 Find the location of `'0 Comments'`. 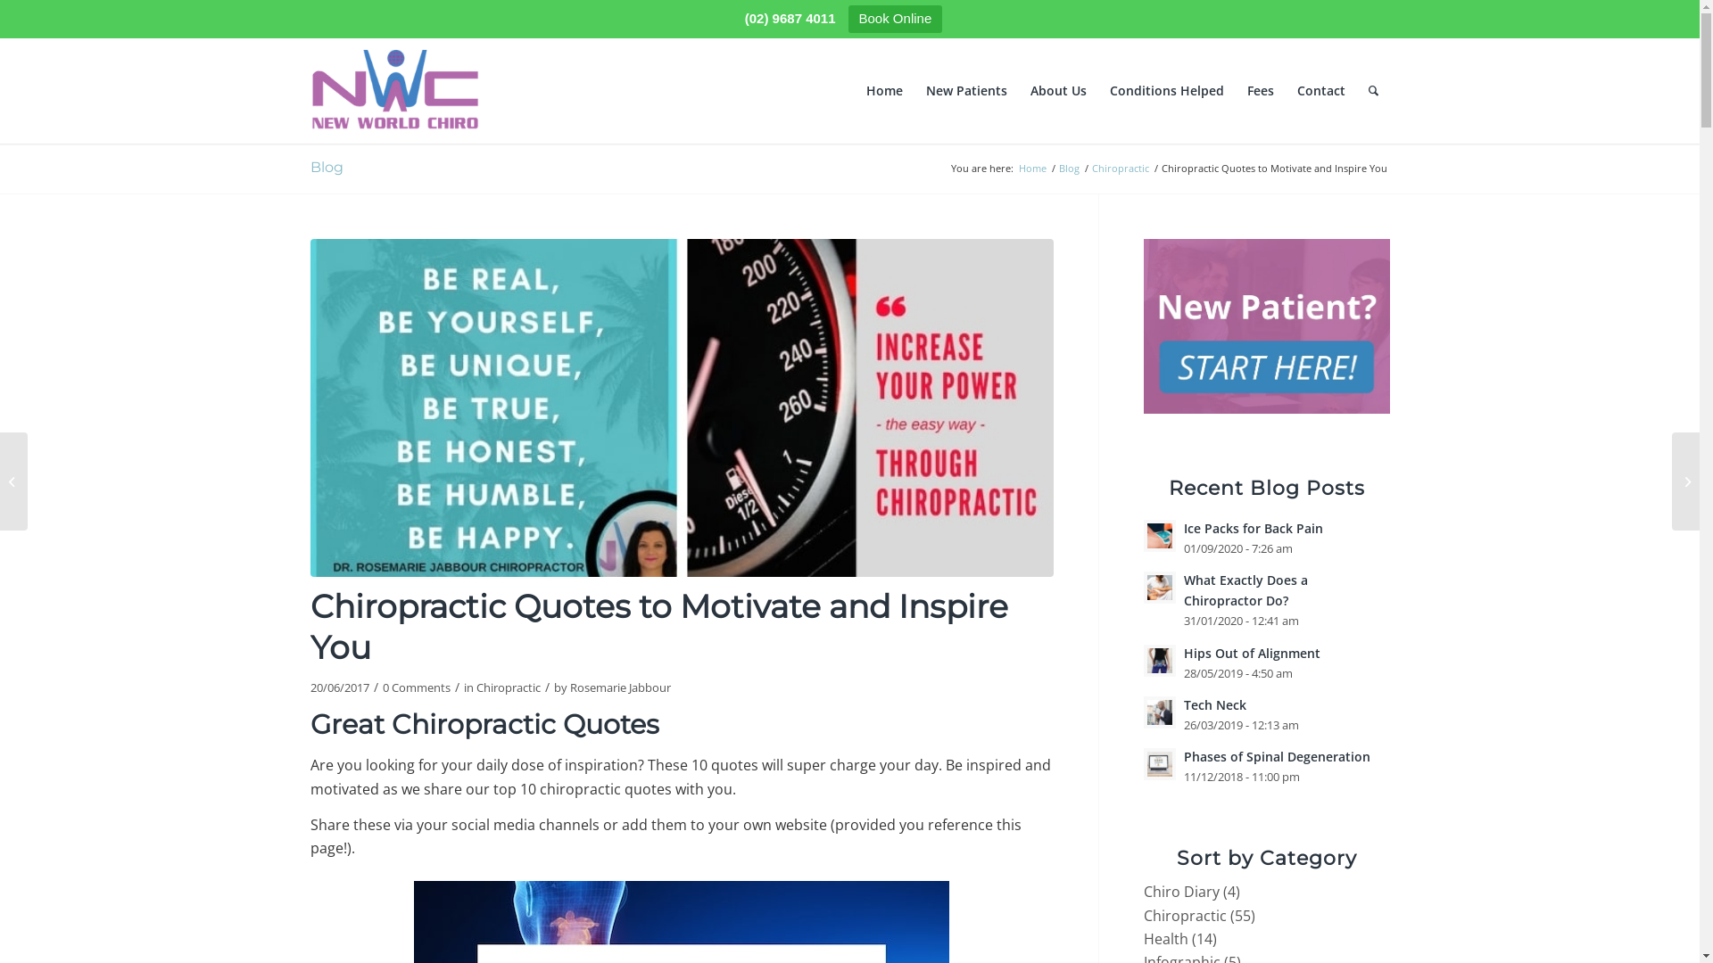

'0 Comments' is located at coordinates (414, 687).